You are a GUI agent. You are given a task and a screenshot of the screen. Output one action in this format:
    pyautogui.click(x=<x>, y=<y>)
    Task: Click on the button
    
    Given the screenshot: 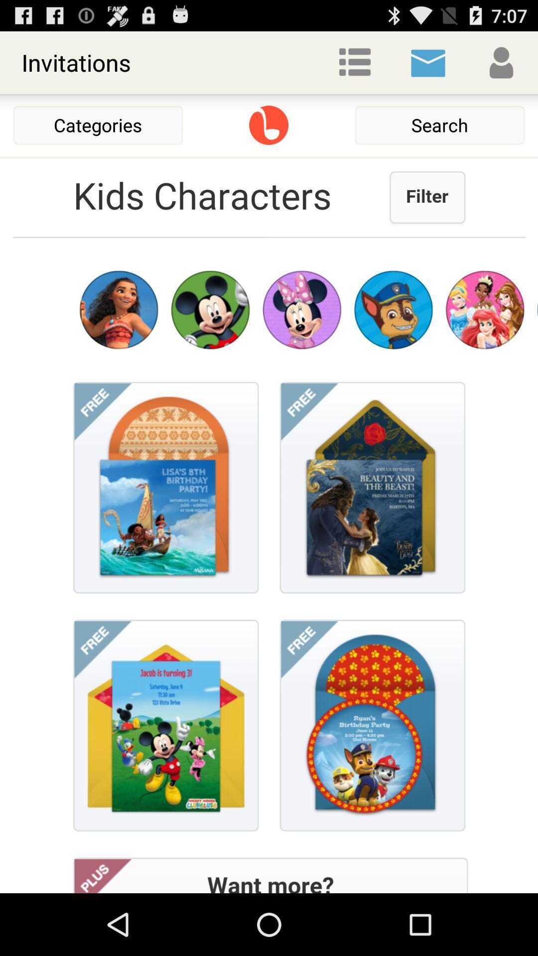 What is the action you would take?
    pyautogui.click(x=268, y=124)
    